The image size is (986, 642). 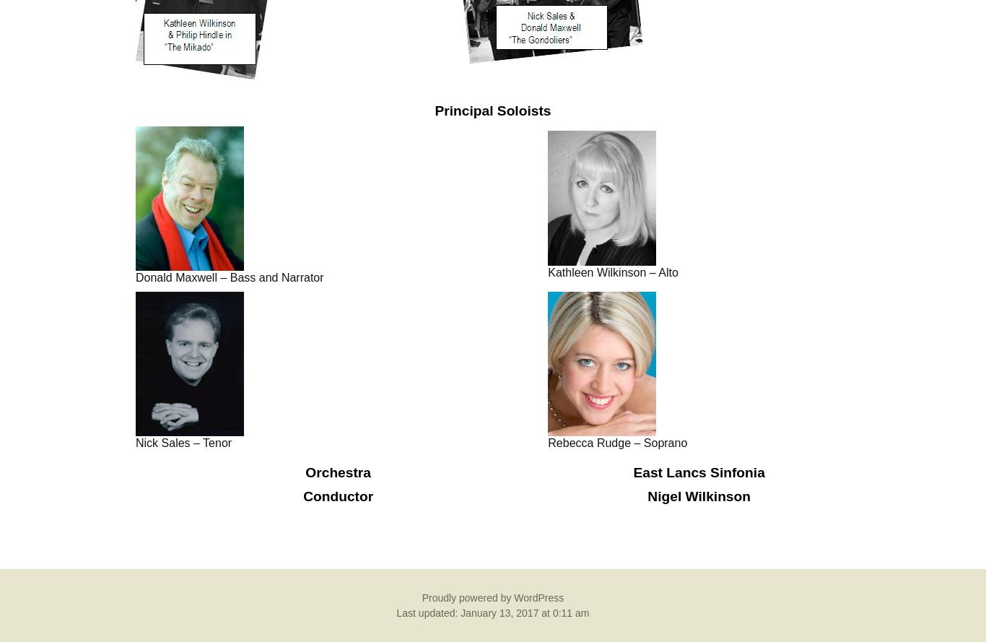 What do you see at coordinates (616, 441) in the screenshot?
I see `'Rebecca Rudge – Soprano'` at bounding box center [616, 441].